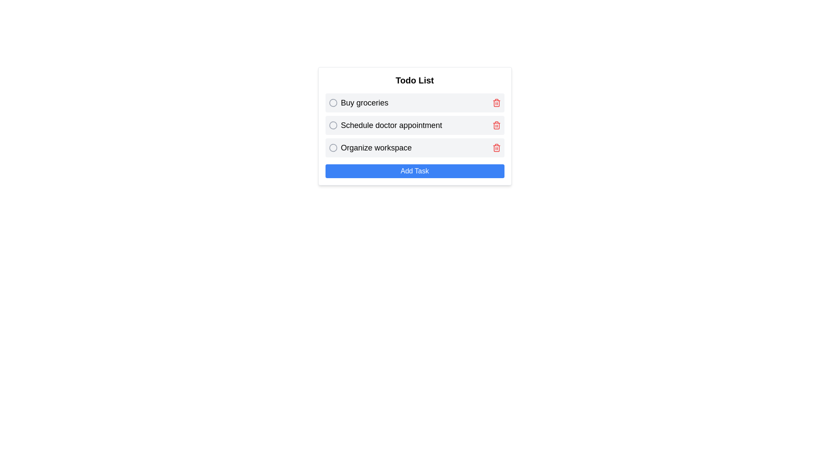 The image size is (830, 467). What do you see at coordinates (496, 102) in the screenshot?
I see `the delete button for the to-do item titled 'Buy groceries' to receive hover-specific styling or feedback` at bounding box center [496, 102].